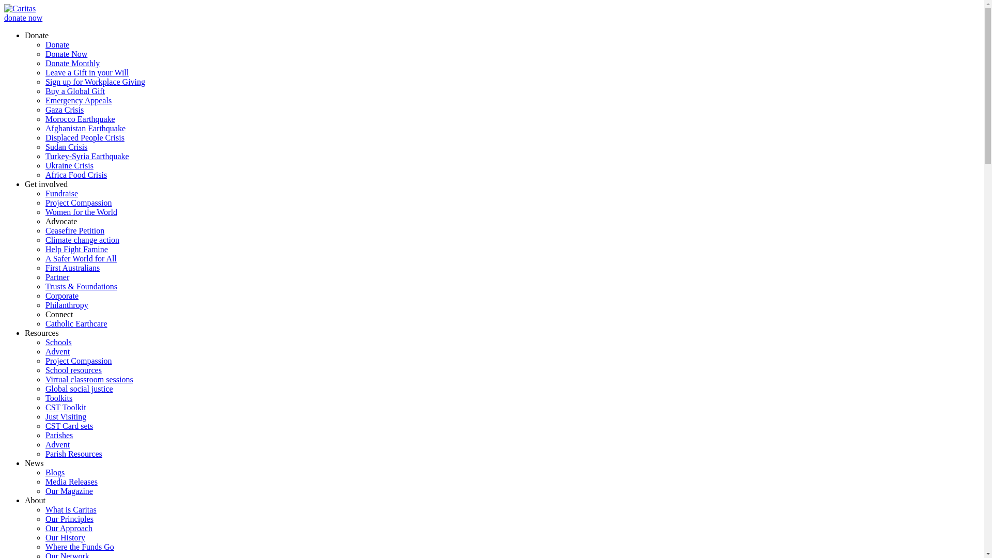  Describe the element at coordinates (73, 453) in the screenshot. I see `'Parish Resources'` at that location.